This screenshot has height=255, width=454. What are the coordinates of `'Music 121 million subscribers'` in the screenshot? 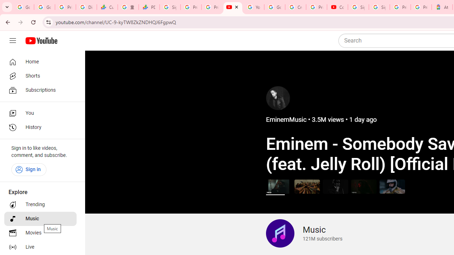 It's located at (304, 233).